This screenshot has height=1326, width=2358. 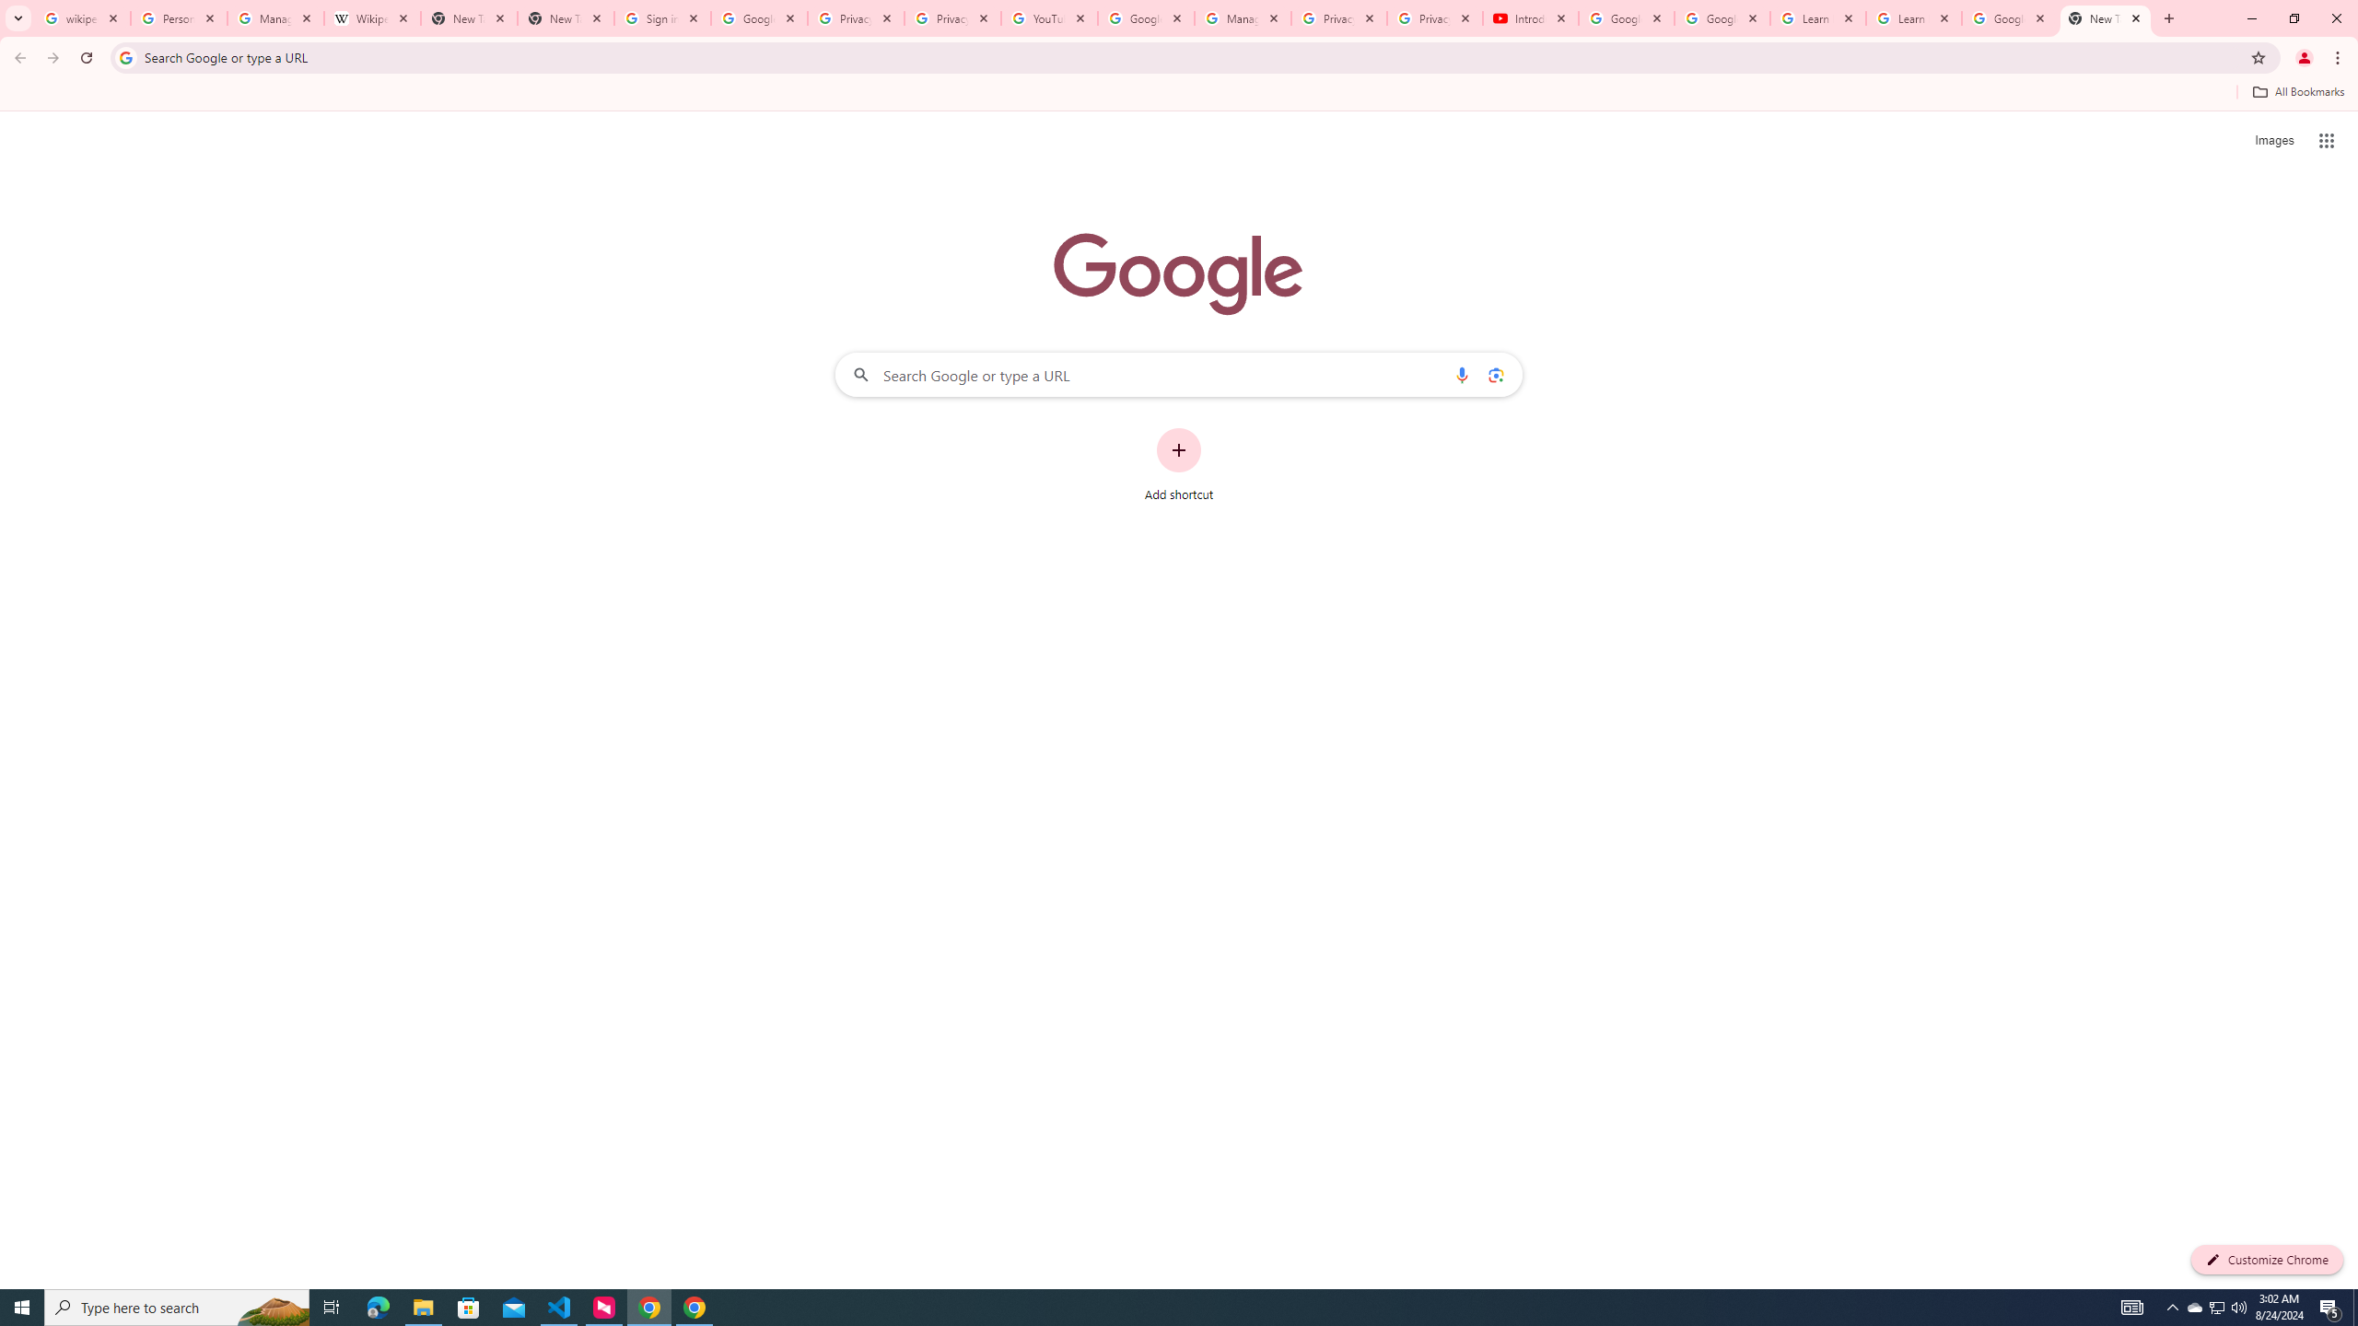 I want to click on 'Search by voice', so click(x=1461, y=373).